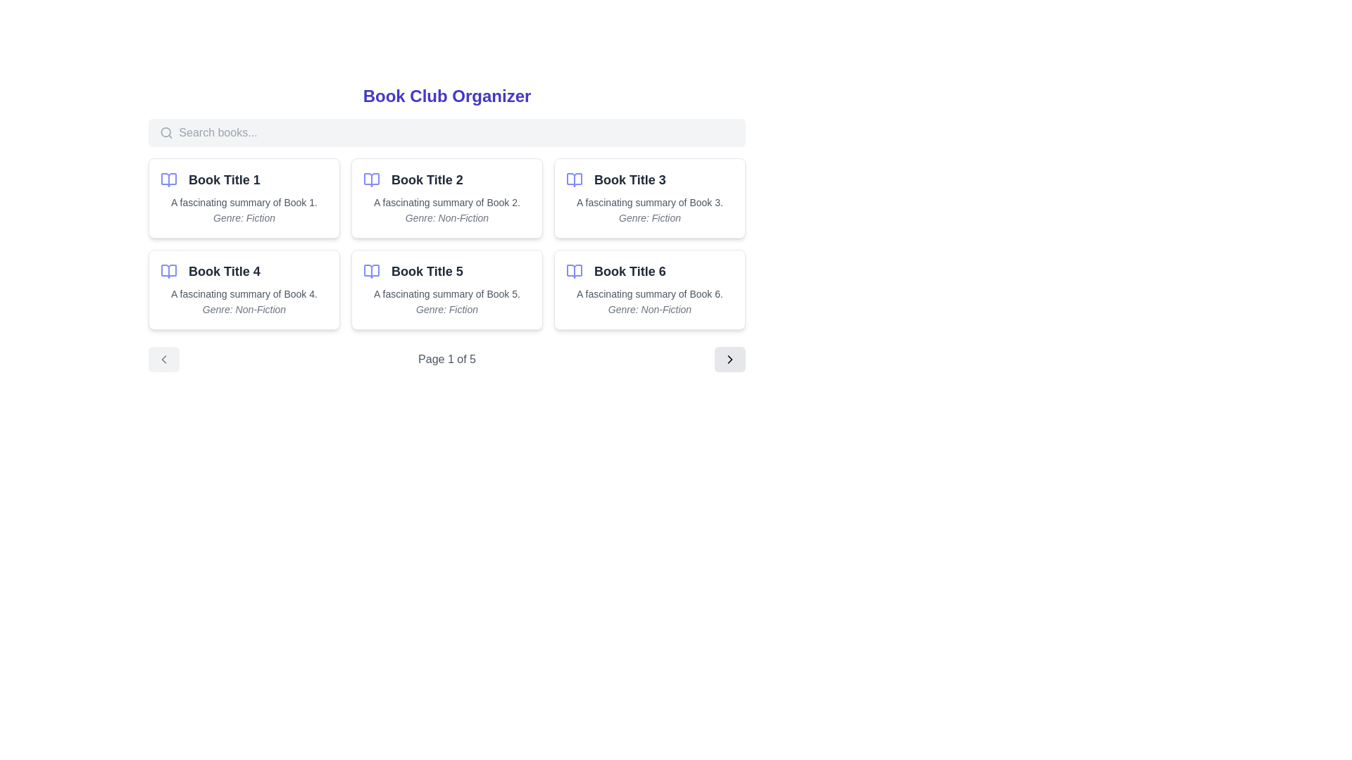 This screenshot has width=1352, height=760. What do you see at coordinates (575, 271) in the screenshot?
I see `the stylized open book icon, which is located at the top-left section of the card for 'Book Title 6', next` at bounding box center [575, 271].